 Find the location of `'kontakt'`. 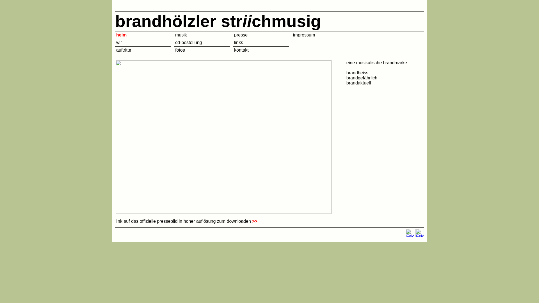

'kontakt' is located at coordinates (234, 50).